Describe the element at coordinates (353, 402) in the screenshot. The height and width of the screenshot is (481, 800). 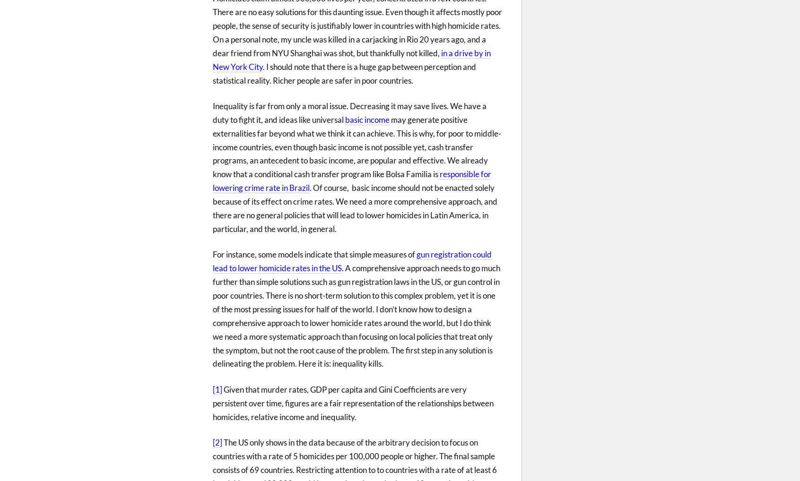
I see `'Given that murder rates, GDP per capita and Gini Coefficients are very persistent over time, figures are a fair representation of the relationships between homicides, relative income and inequality.'` at that location.